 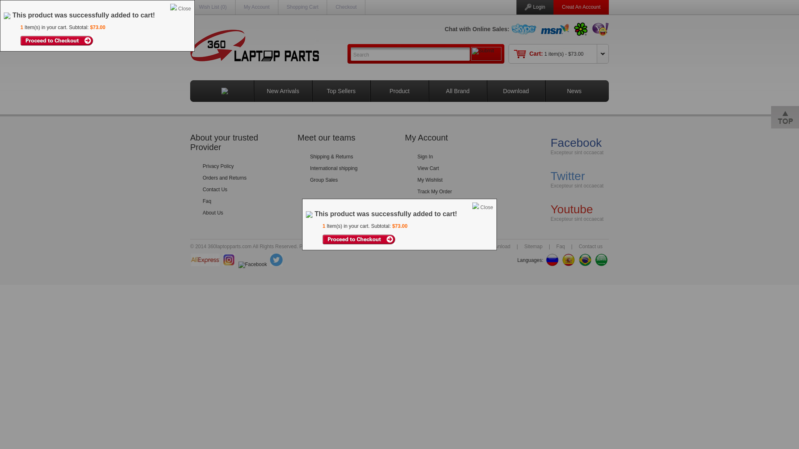 What do you see at coordinates (199, 7) in the screenshot?
I see `'Wish List (0)'` at bounding box center [199, 7].